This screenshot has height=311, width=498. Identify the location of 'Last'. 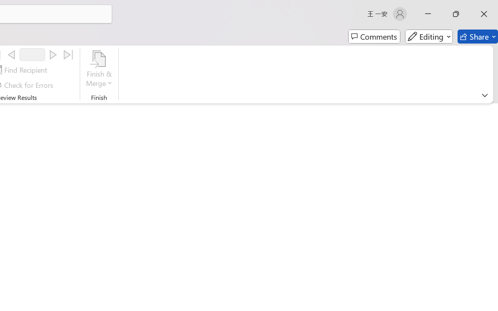
(68, 55).